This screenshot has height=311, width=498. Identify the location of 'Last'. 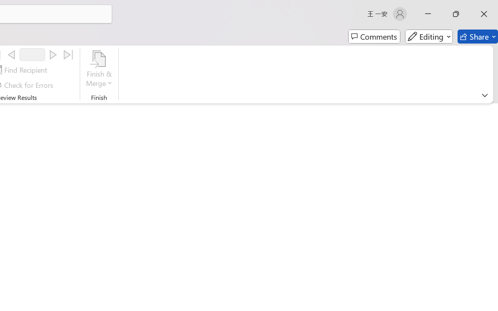
(68, 55).